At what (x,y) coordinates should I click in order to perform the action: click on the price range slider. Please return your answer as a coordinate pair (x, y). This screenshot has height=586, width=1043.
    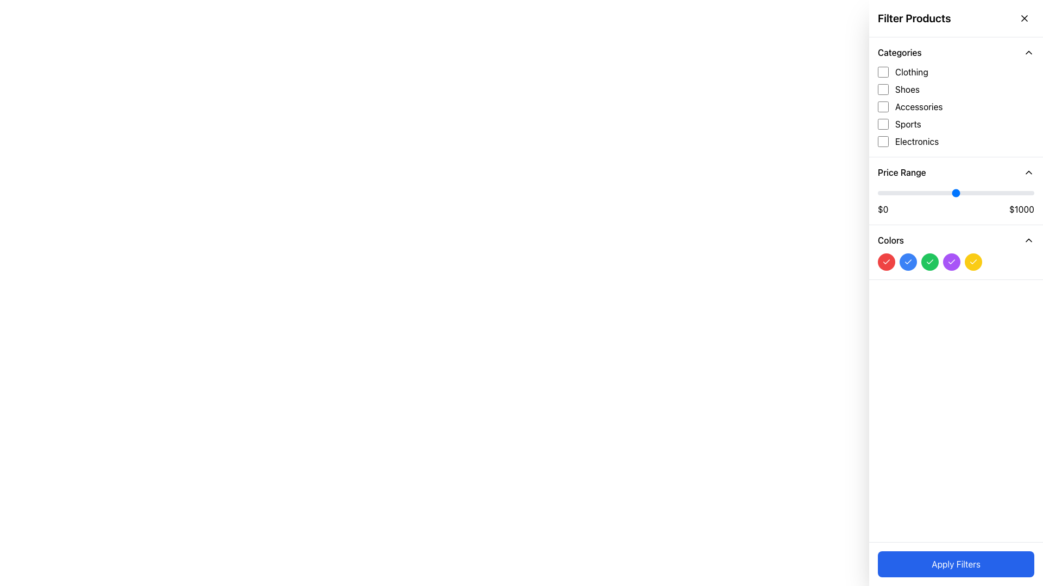
    Looking at the image, I should click on (927, 192).